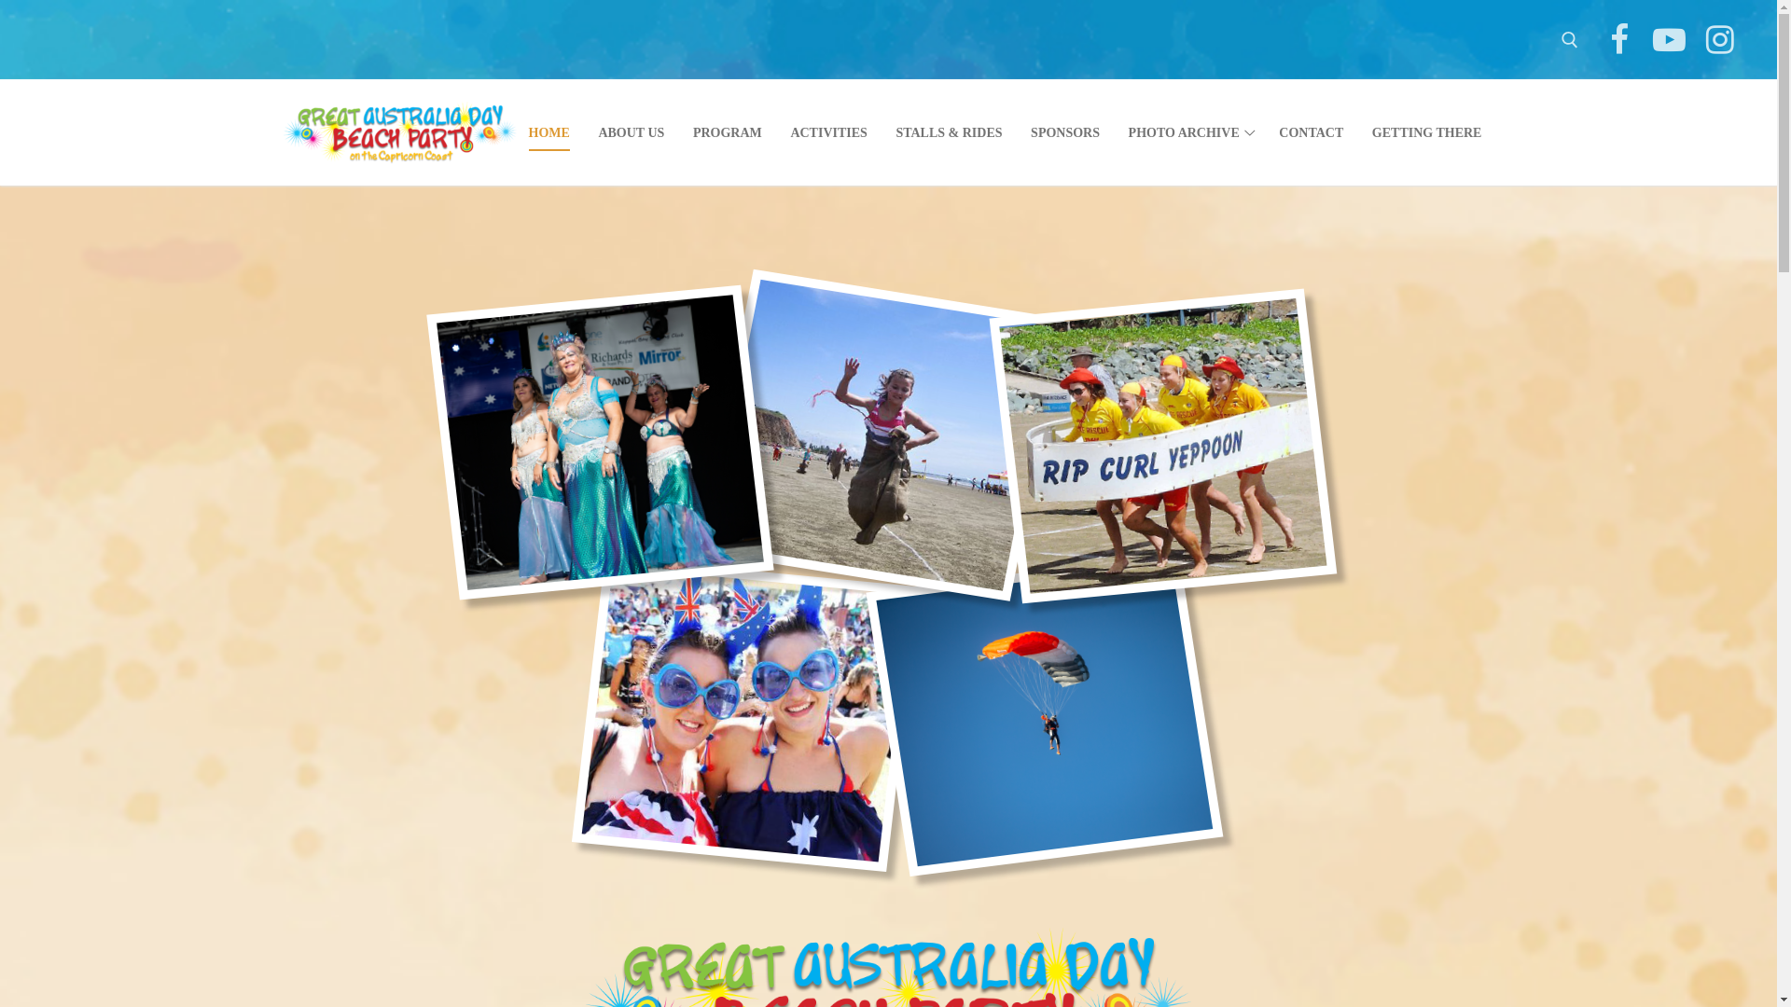  I want to click on 'Instagram', so click(1718, 39).